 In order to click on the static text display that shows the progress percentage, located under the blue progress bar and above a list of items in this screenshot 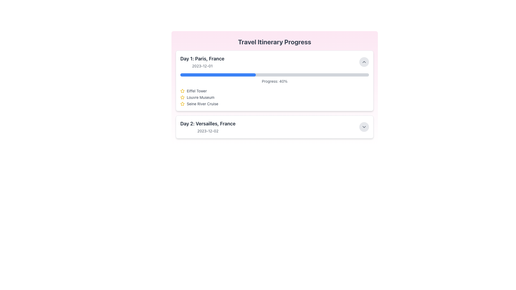, I will do `click(275, 81)`.